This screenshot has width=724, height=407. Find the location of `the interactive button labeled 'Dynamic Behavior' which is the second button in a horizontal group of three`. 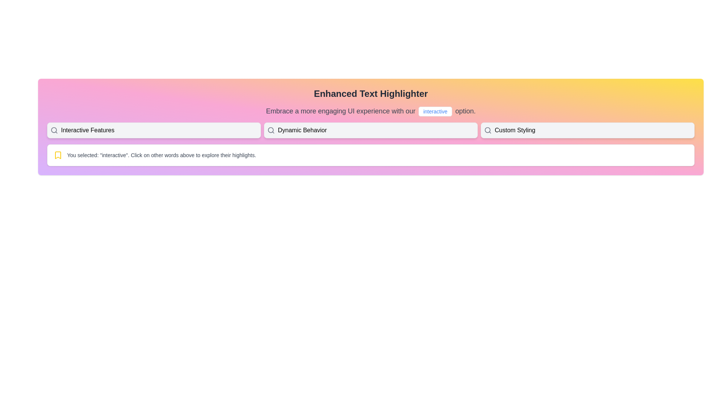

the interactive button labeled 'Dynamic Behavior' which is the second button in a horizontal group of three is located at coordinates (371, 130).